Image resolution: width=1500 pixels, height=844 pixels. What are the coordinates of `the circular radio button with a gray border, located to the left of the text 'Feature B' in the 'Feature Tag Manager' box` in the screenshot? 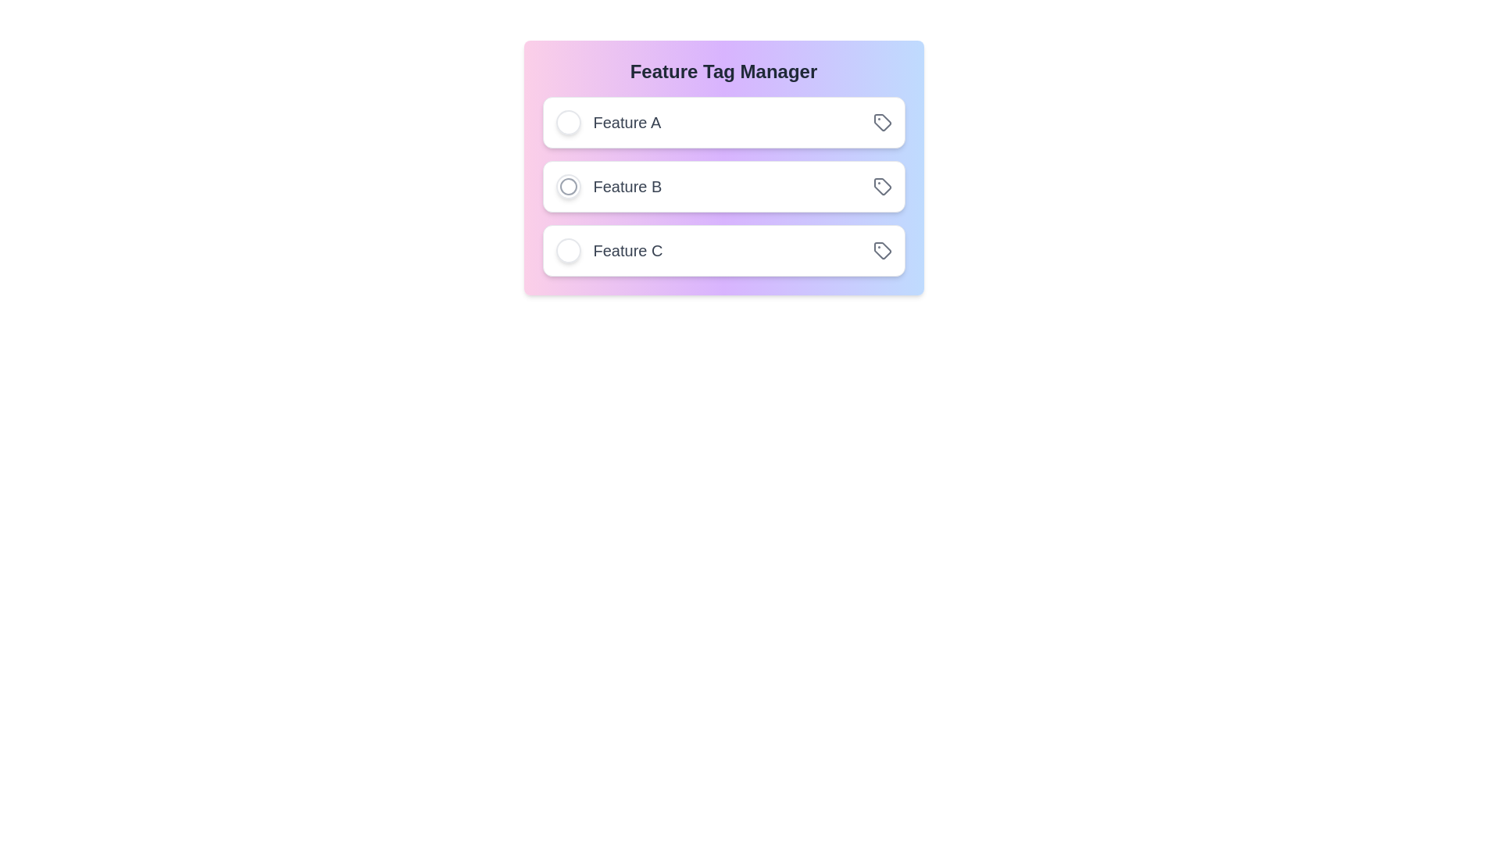 It's located at (567, 186).